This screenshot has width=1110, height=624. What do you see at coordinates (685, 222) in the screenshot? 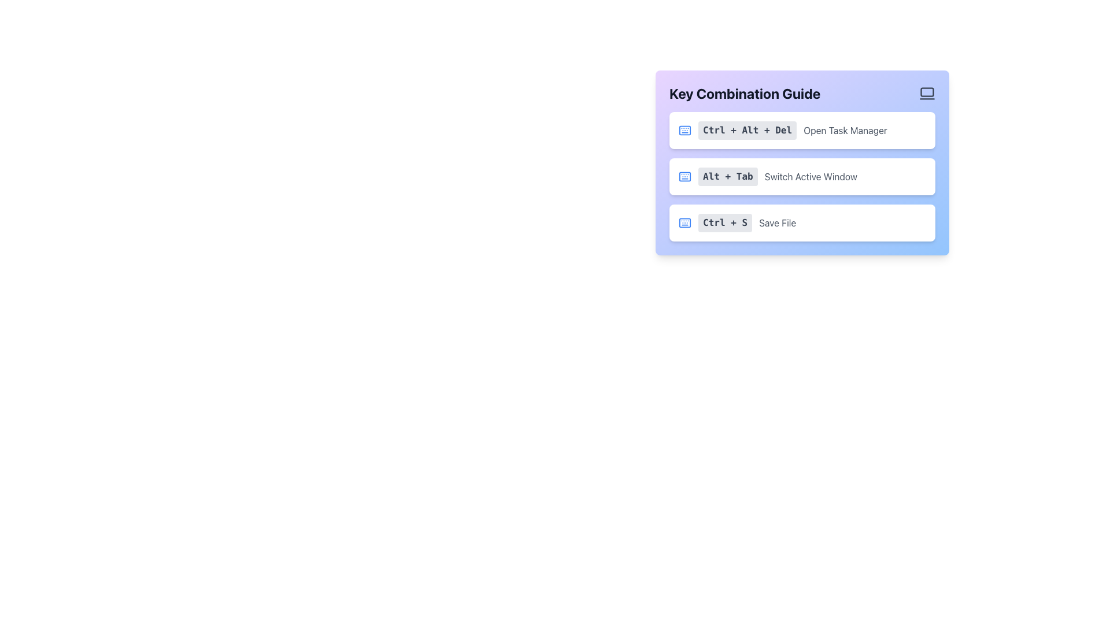
I see `the blue keyboard icon positioned at the beginning of the 'Ctrl + S Save File' box in the 'Key Combination Guide' list` at bounding box center [685, 222].